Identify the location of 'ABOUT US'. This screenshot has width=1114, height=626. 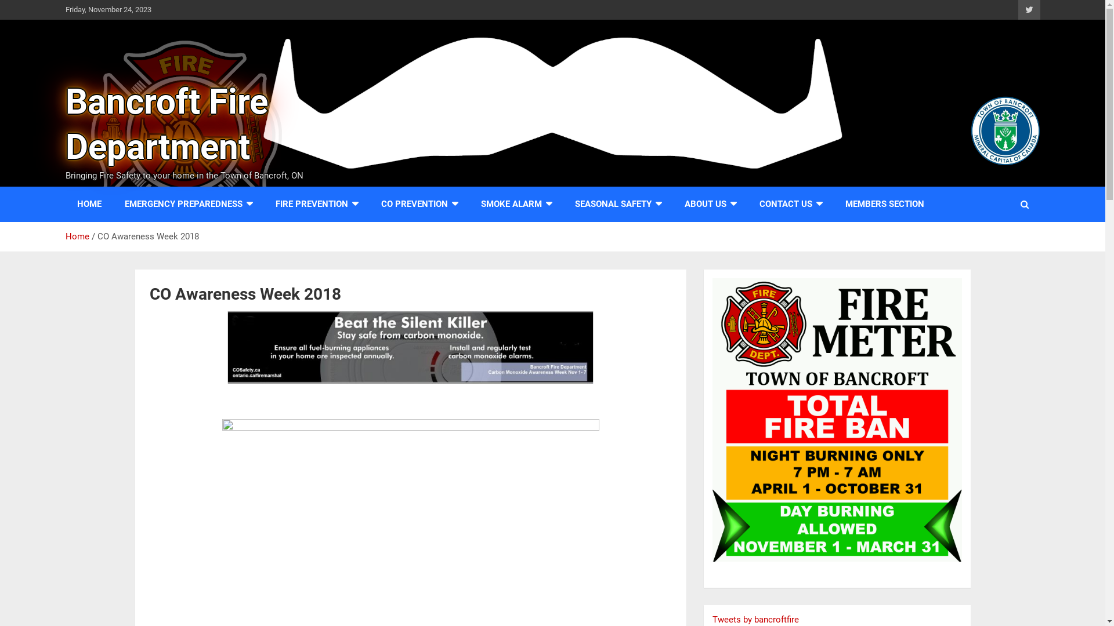
(710, 203).